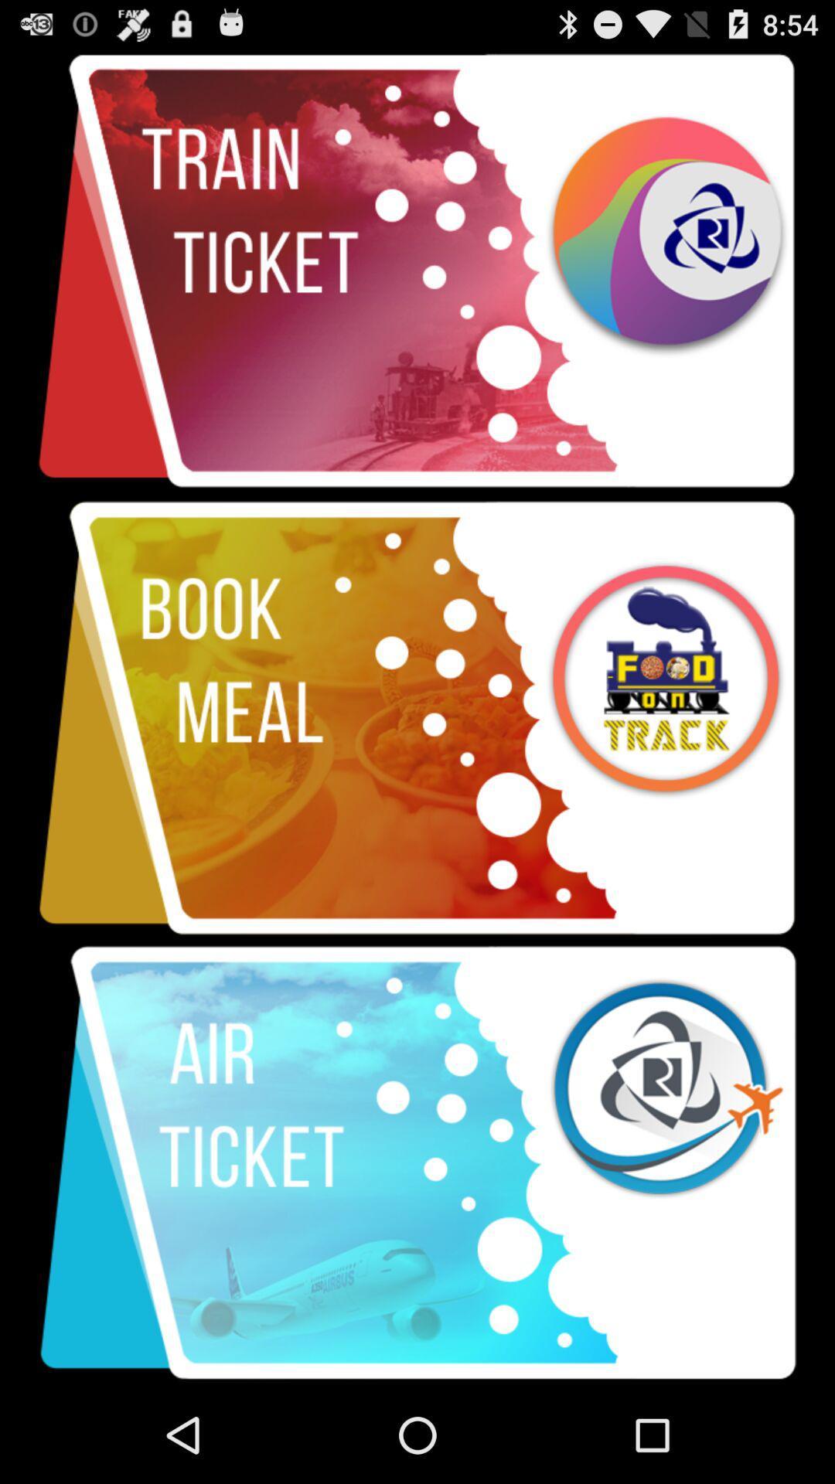  I want to click on item at the center, so click(417, 716).